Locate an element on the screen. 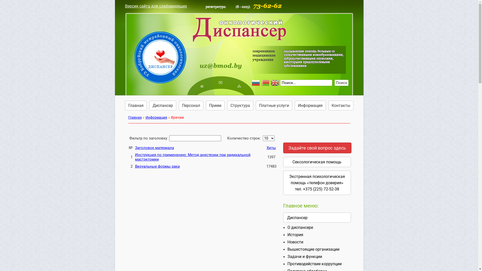  'Russian' is located at coordinates (256, 83).